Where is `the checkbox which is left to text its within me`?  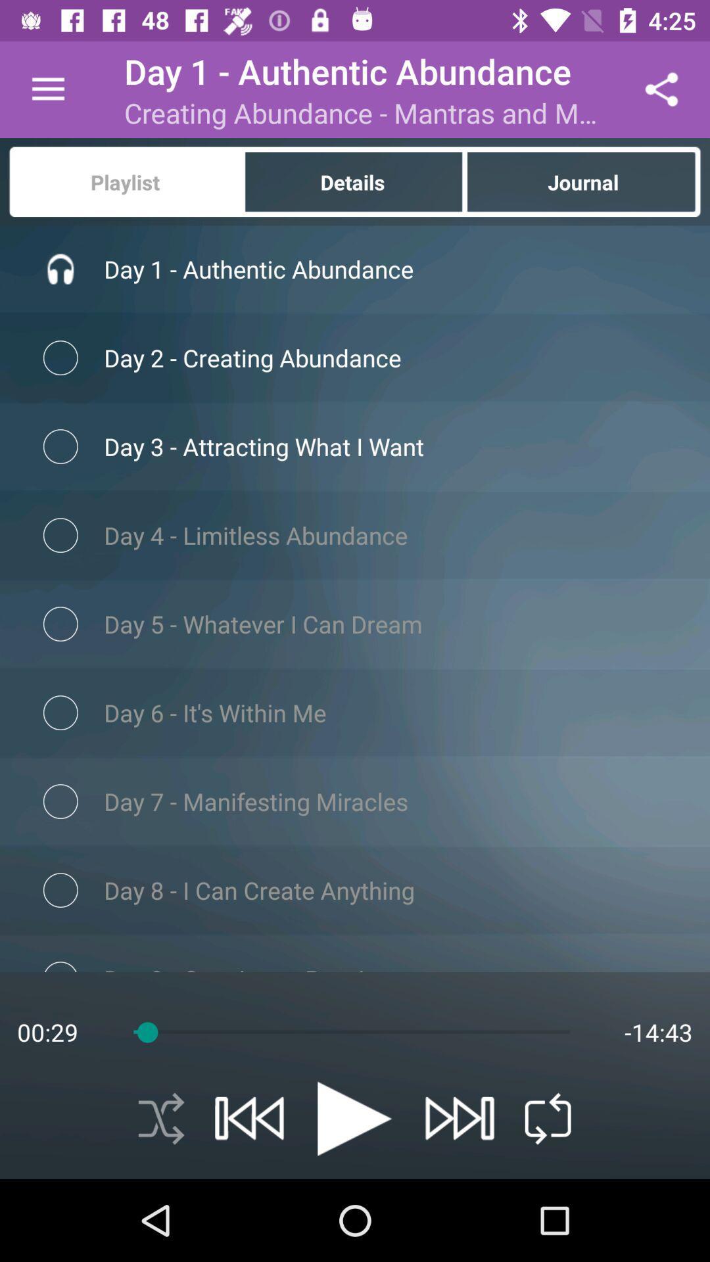
the checkbox which is left to text its within me is located at coordinates (60, 712).